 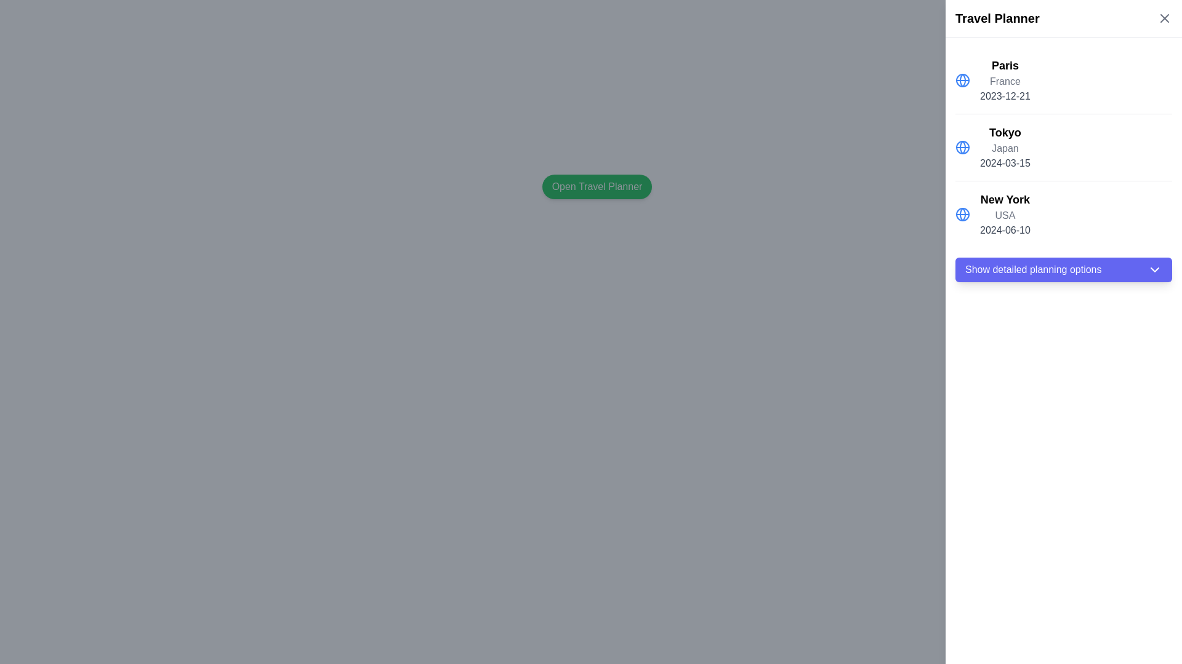 I want to click on the 'Travel Planner' label located in the upper right corner of the interface, which features bold and large black text, so click(x=997, y=18).